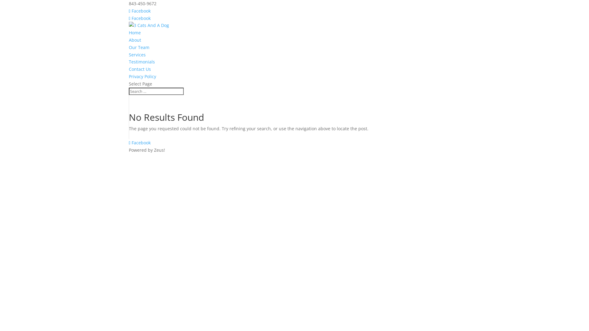 This screenshot has width=589, height=331. I want to click on 'About', so click(135, 40).